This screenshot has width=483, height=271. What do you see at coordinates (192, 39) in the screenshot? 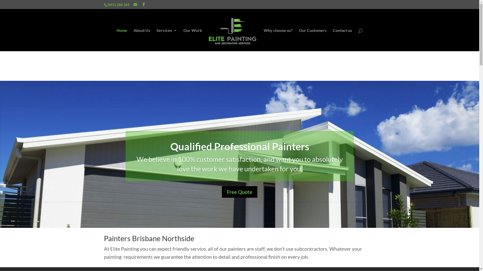
I see `'Our Work'` at bounding box center [192, 39].